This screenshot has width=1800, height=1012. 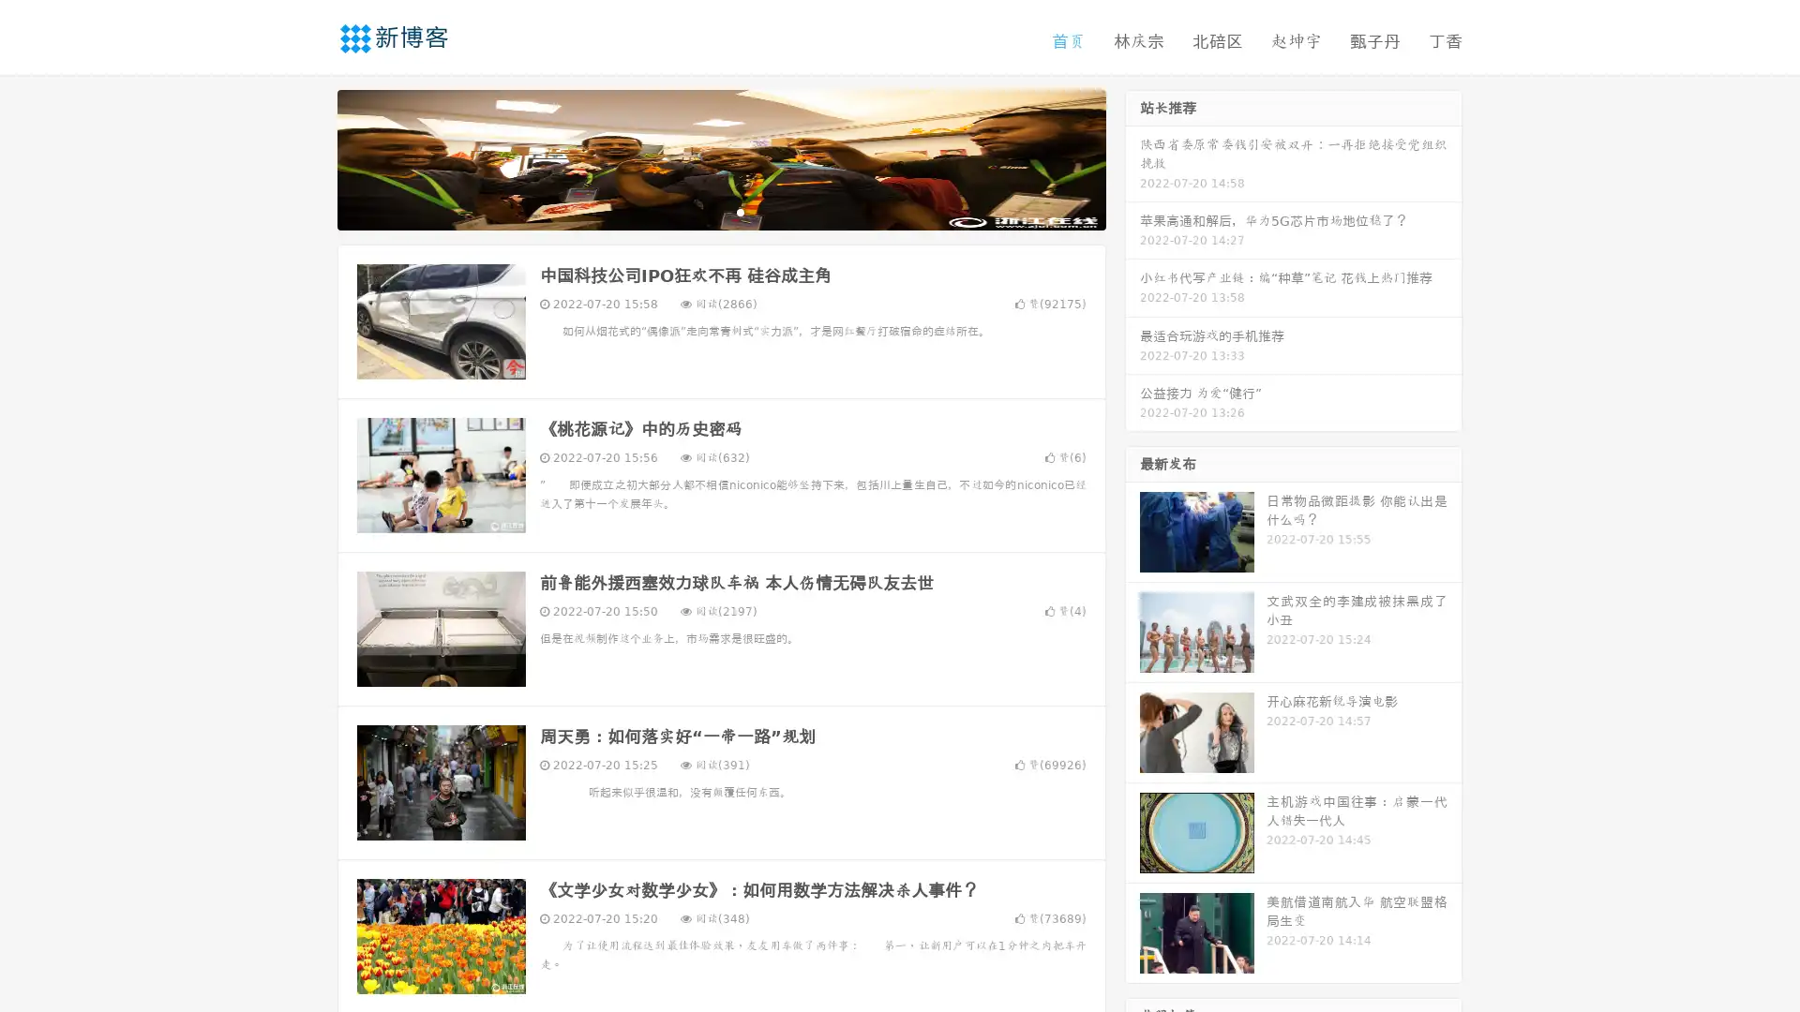 What do you see at coordinates (309, 157) in the screenshot?
I see `Previous slide` at bounding box center [309, 157].